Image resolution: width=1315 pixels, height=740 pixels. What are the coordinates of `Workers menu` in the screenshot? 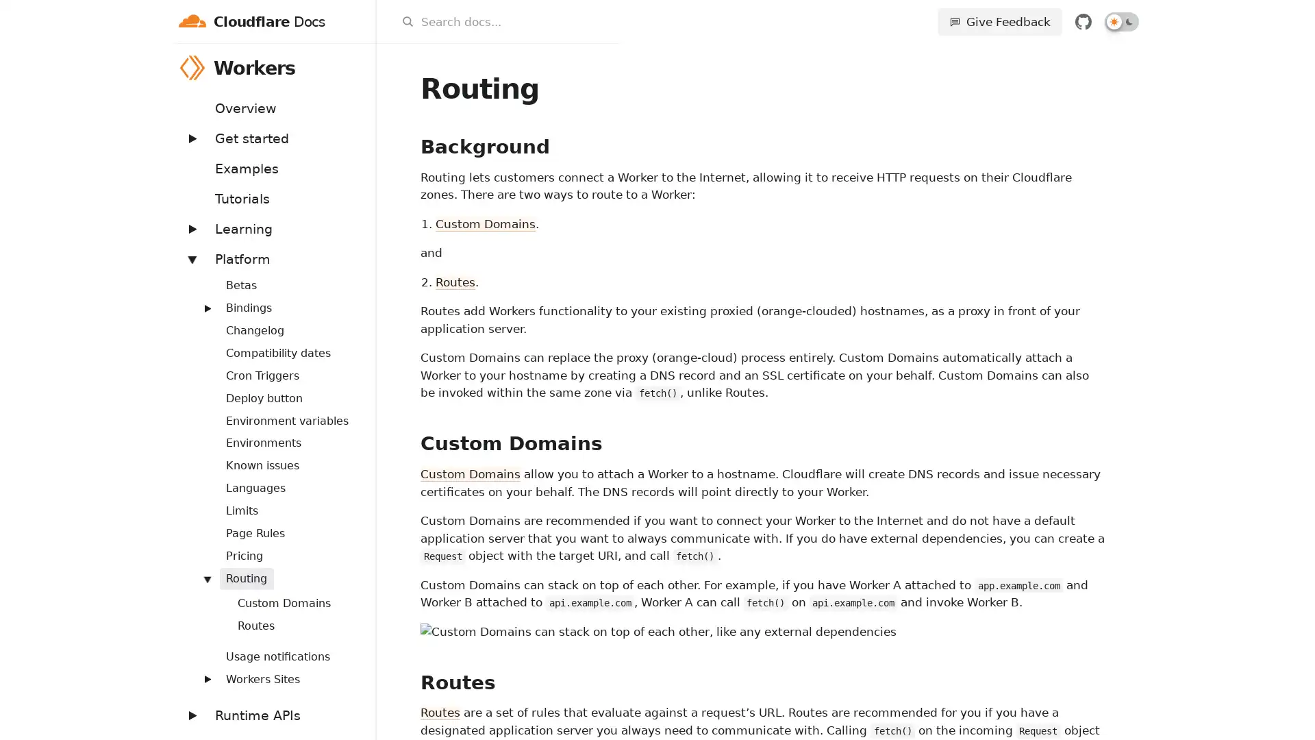 It's located at (358, 67).